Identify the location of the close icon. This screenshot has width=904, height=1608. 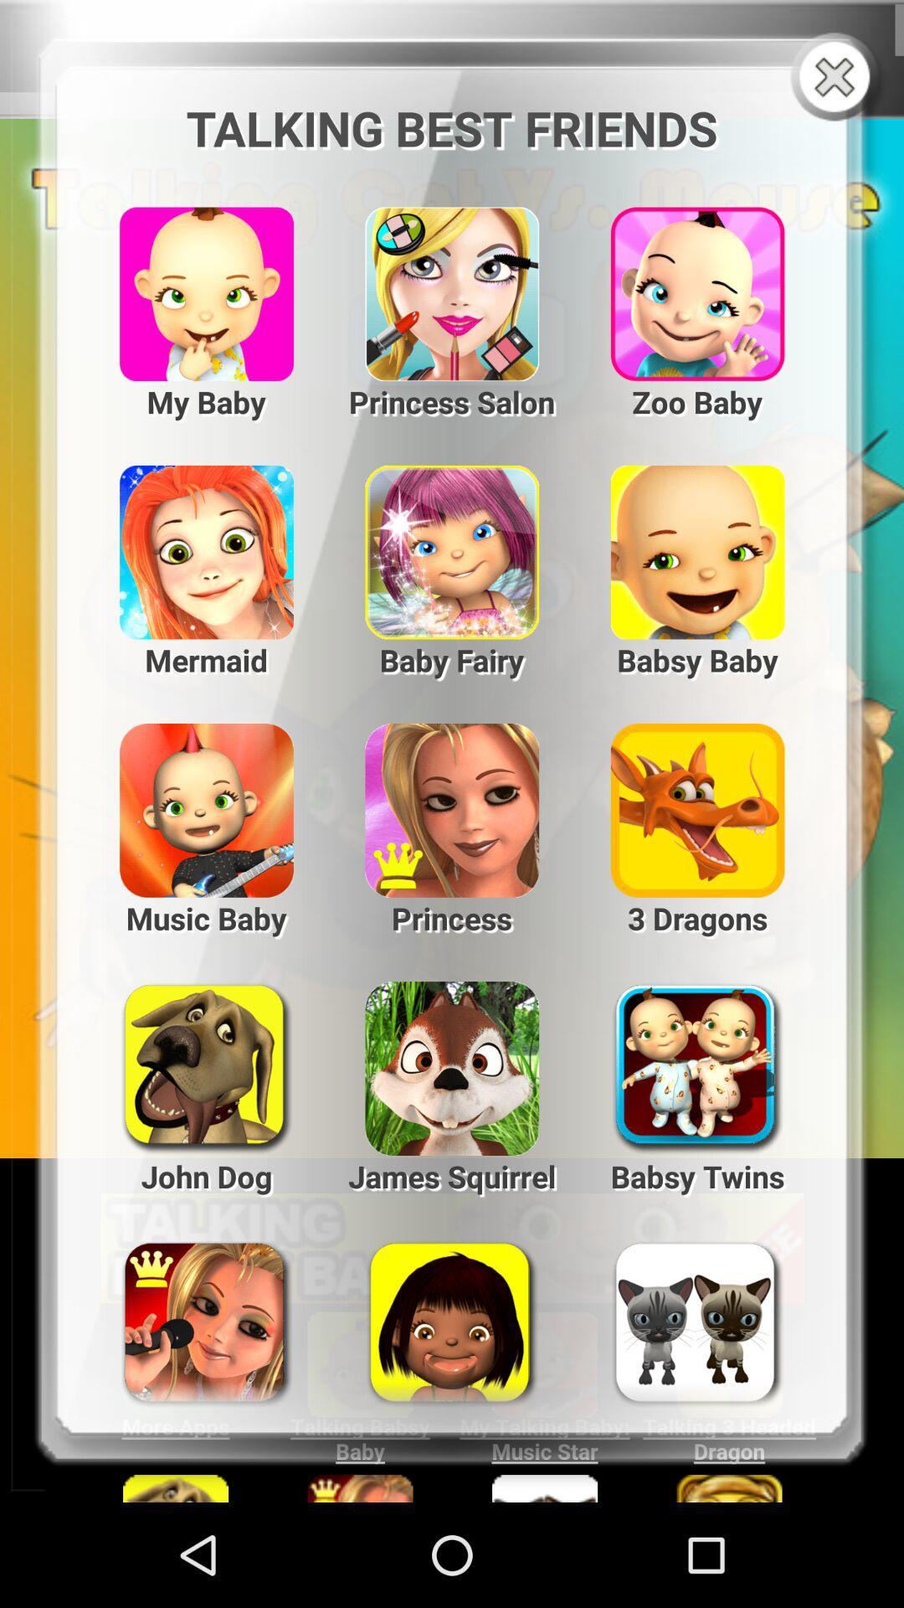
(838, 84).